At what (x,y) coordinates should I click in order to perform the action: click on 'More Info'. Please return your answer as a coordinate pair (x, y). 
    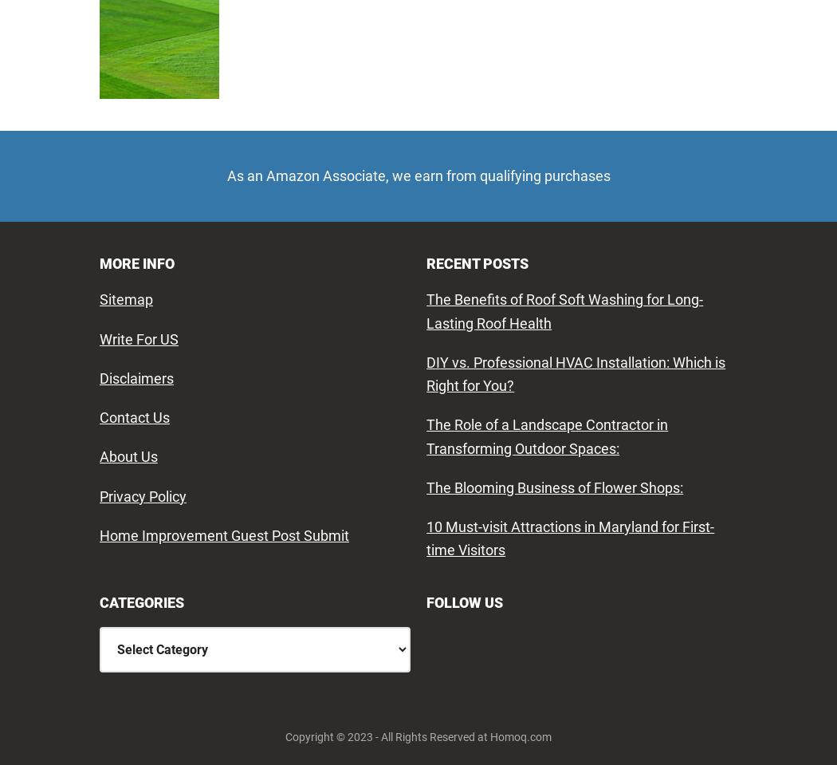
    Looking at the image, I should click on (136, 262).